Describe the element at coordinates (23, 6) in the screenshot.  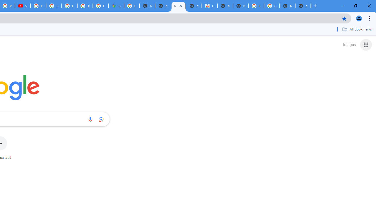
I see `'Subscriptions - YouTube'` at that location.